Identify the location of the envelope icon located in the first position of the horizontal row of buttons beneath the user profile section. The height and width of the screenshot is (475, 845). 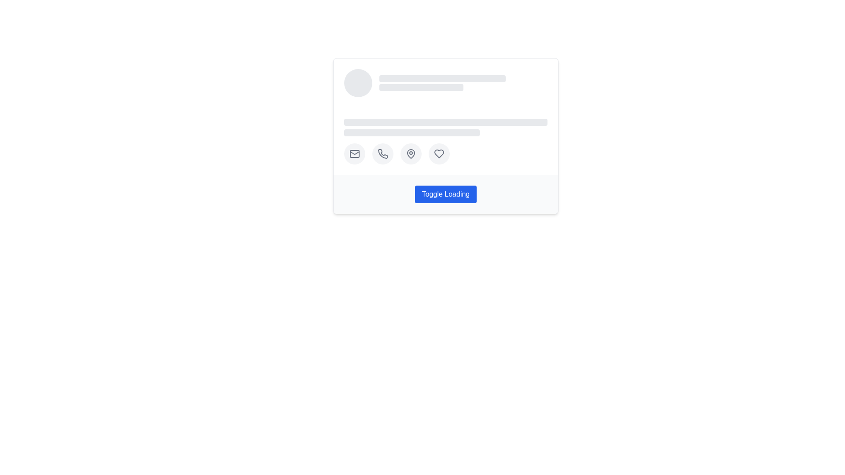
(355, 153).